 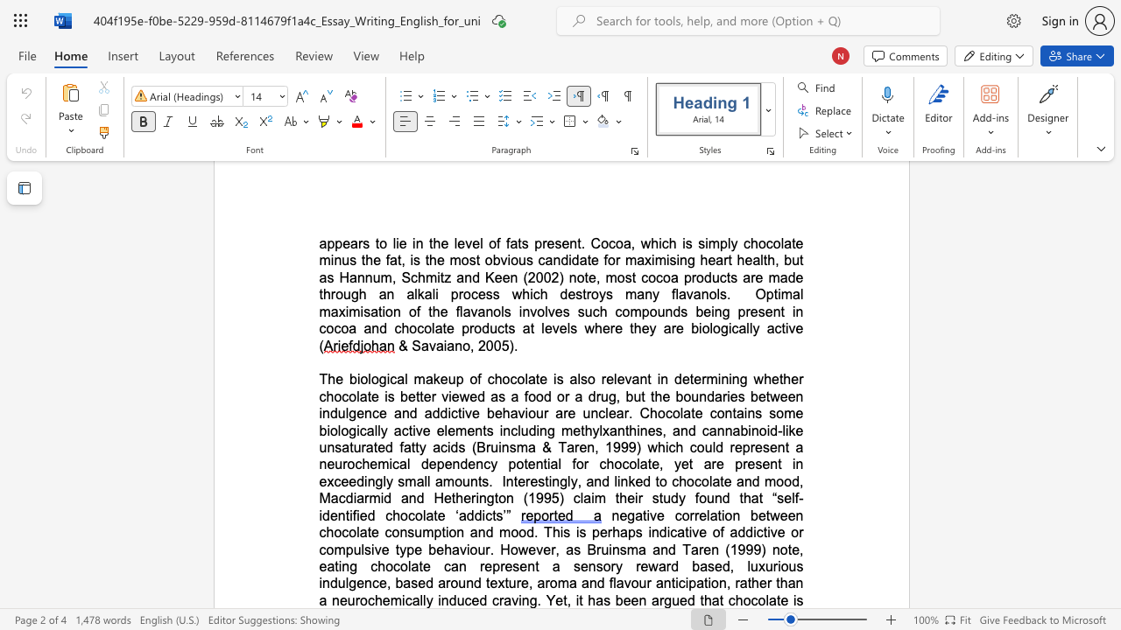 What do you see at coordinates (479, 599) in the screenshot?
I see `the subset text "d craving. Yet, it has been argued that cho" within the text "and flavour anticipation, rather than a neurochemically induced craving. Yet, it has been argued that chocolate"` at bounding box center [479, 599].